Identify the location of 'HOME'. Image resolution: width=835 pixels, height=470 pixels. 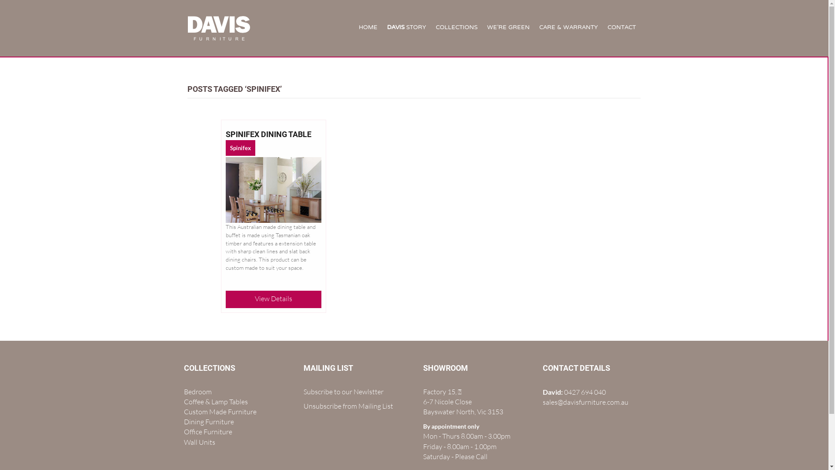
(368, 28).